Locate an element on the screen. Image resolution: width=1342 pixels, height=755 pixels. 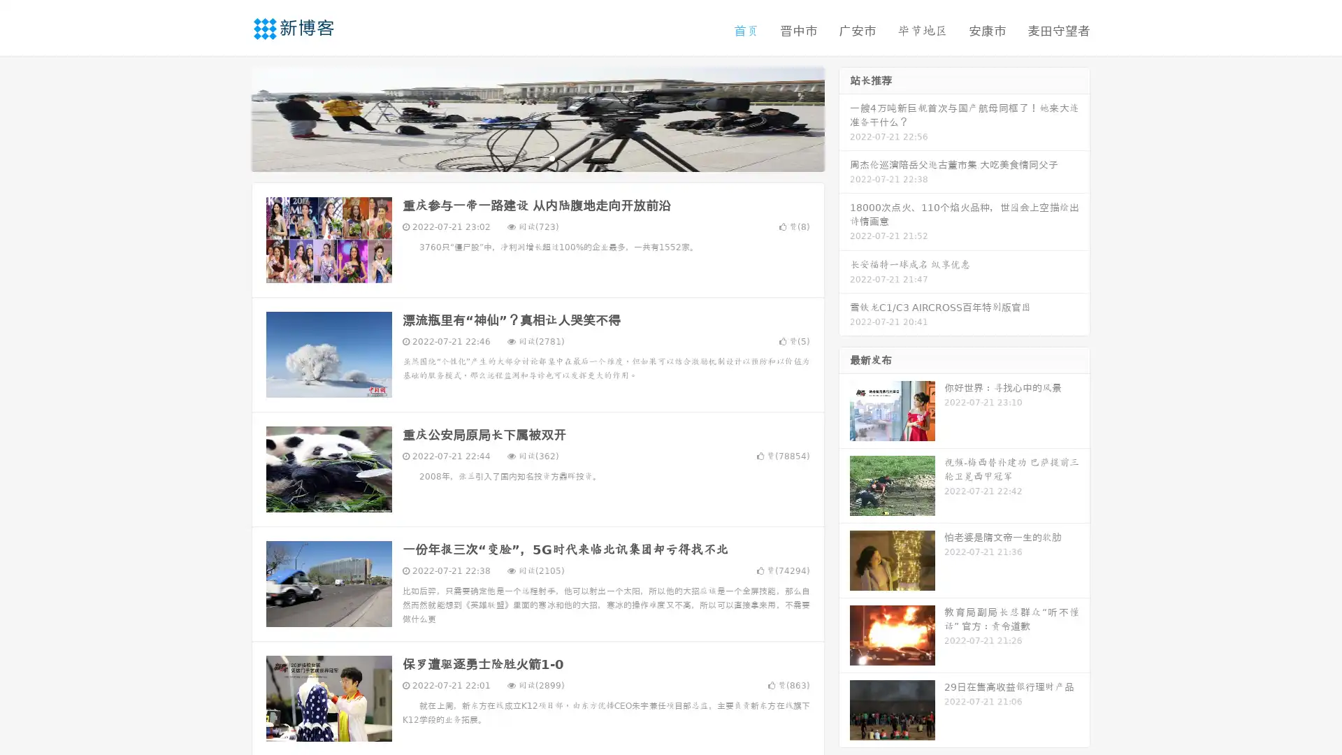
Previous slide is located at coordinates (231, 117).